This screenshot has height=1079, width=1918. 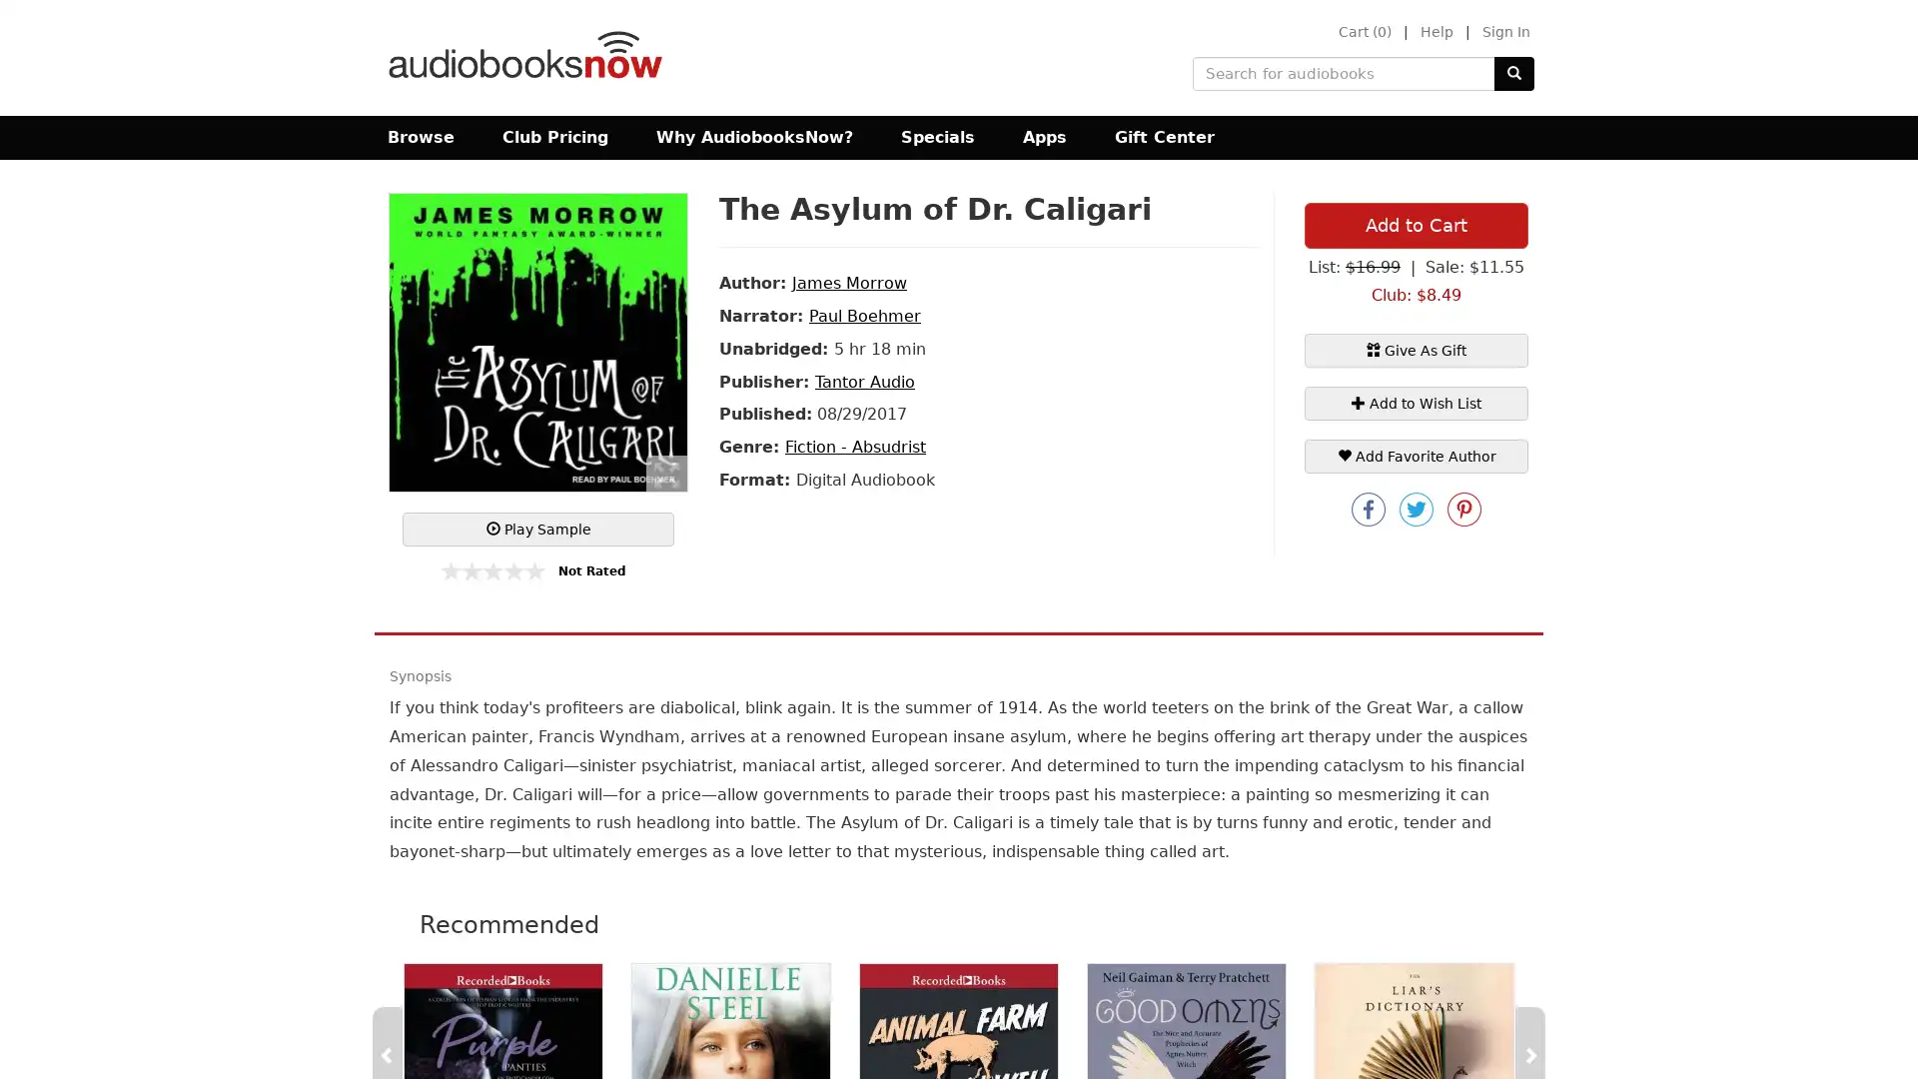 What do you see at coordinates (1415, 456) in the screenshot?
I see `Add Favorite Author` at bounding box center [1415, 456].